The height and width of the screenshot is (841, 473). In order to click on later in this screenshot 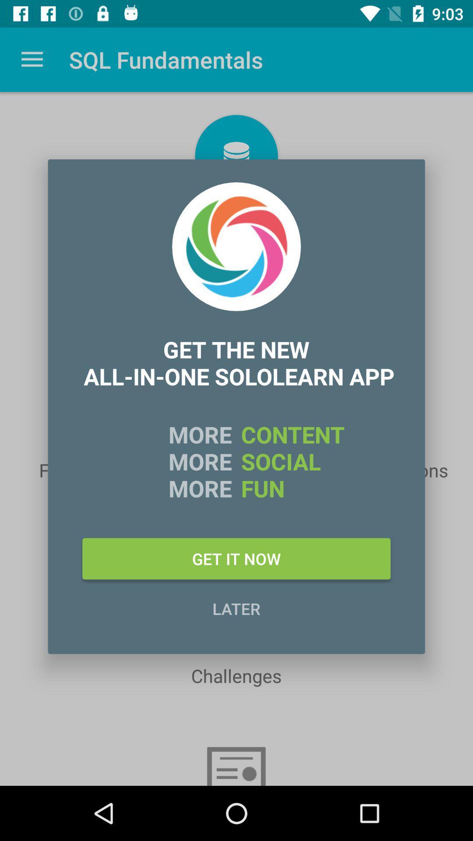, I will do `click(236, 608)`.